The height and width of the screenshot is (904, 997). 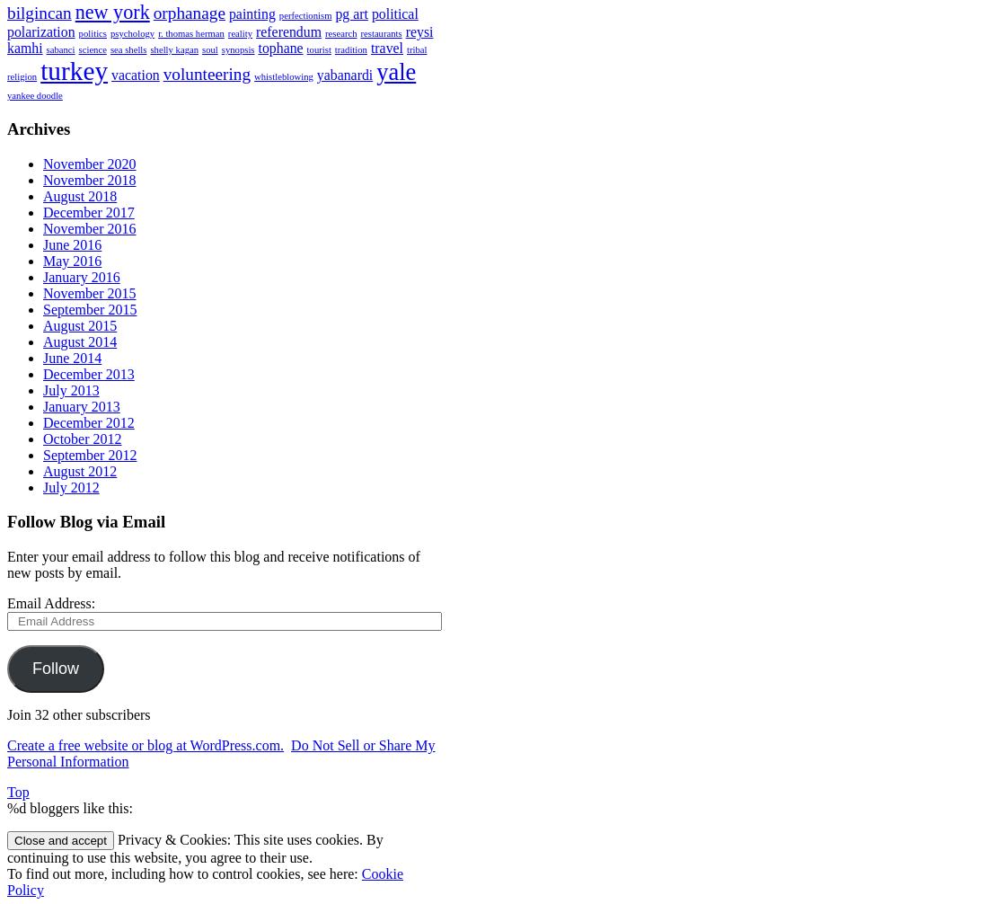 I want to click on 'reysi kamhi', so click(x=219, y=40).